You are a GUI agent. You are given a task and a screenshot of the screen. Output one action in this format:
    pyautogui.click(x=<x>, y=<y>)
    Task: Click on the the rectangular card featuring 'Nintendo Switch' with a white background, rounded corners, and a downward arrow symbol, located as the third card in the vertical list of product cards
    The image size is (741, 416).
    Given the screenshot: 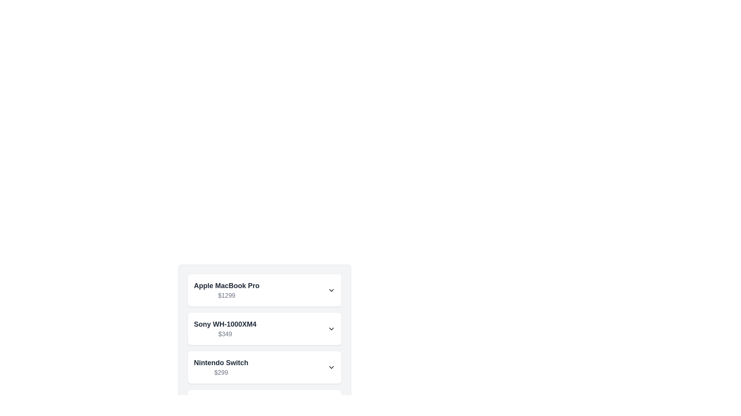 What is the action you would take?
    pyautogui.click(x=264, y=367)
    